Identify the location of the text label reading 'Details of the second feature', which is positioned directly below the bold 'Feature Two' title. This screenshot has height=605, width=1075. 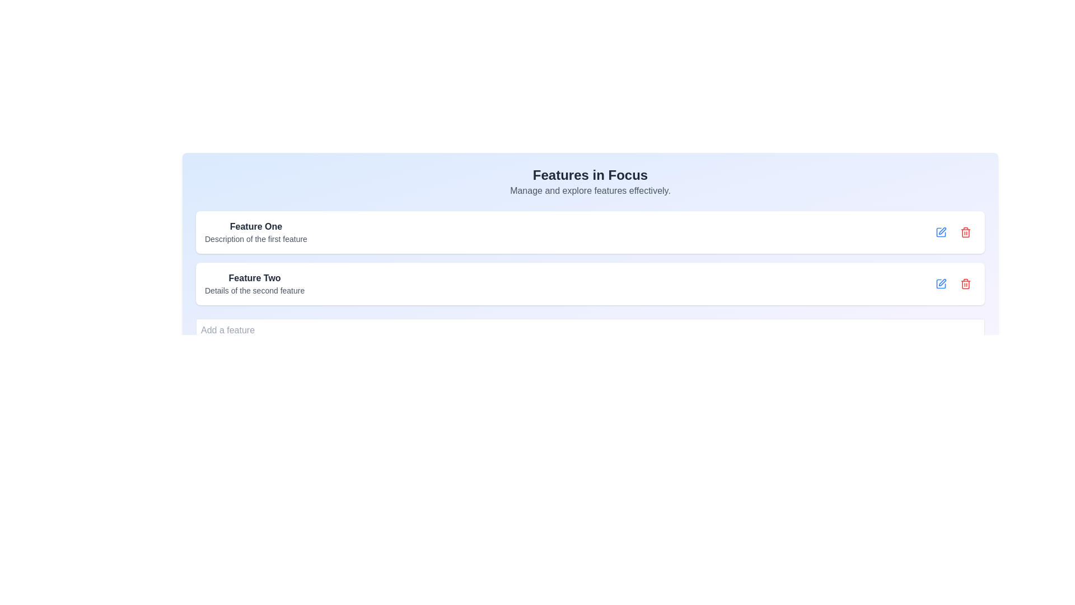
(254, 290).